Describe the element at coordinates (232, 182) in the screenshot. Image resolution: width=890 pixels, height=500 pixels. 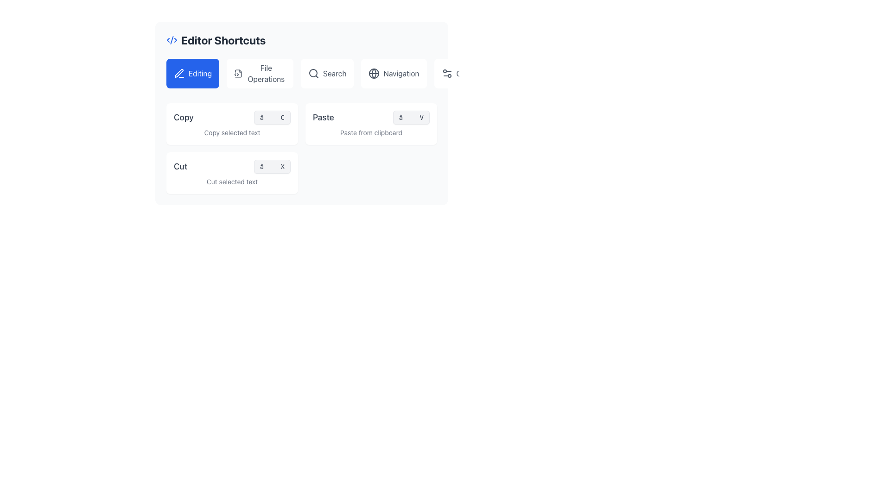
I see `the static text label that provides context for the 'Cut' operation, located in the bottom left section of the grid below the 'Cut ⌘ X' label` at that location.